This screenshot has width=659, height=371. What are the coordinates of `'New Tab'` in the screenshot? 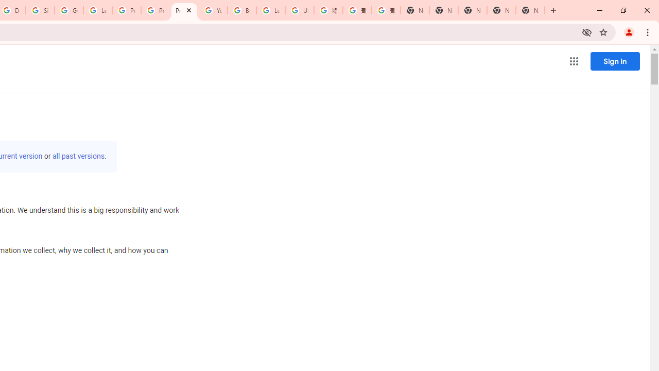 It's located at (530, 10).